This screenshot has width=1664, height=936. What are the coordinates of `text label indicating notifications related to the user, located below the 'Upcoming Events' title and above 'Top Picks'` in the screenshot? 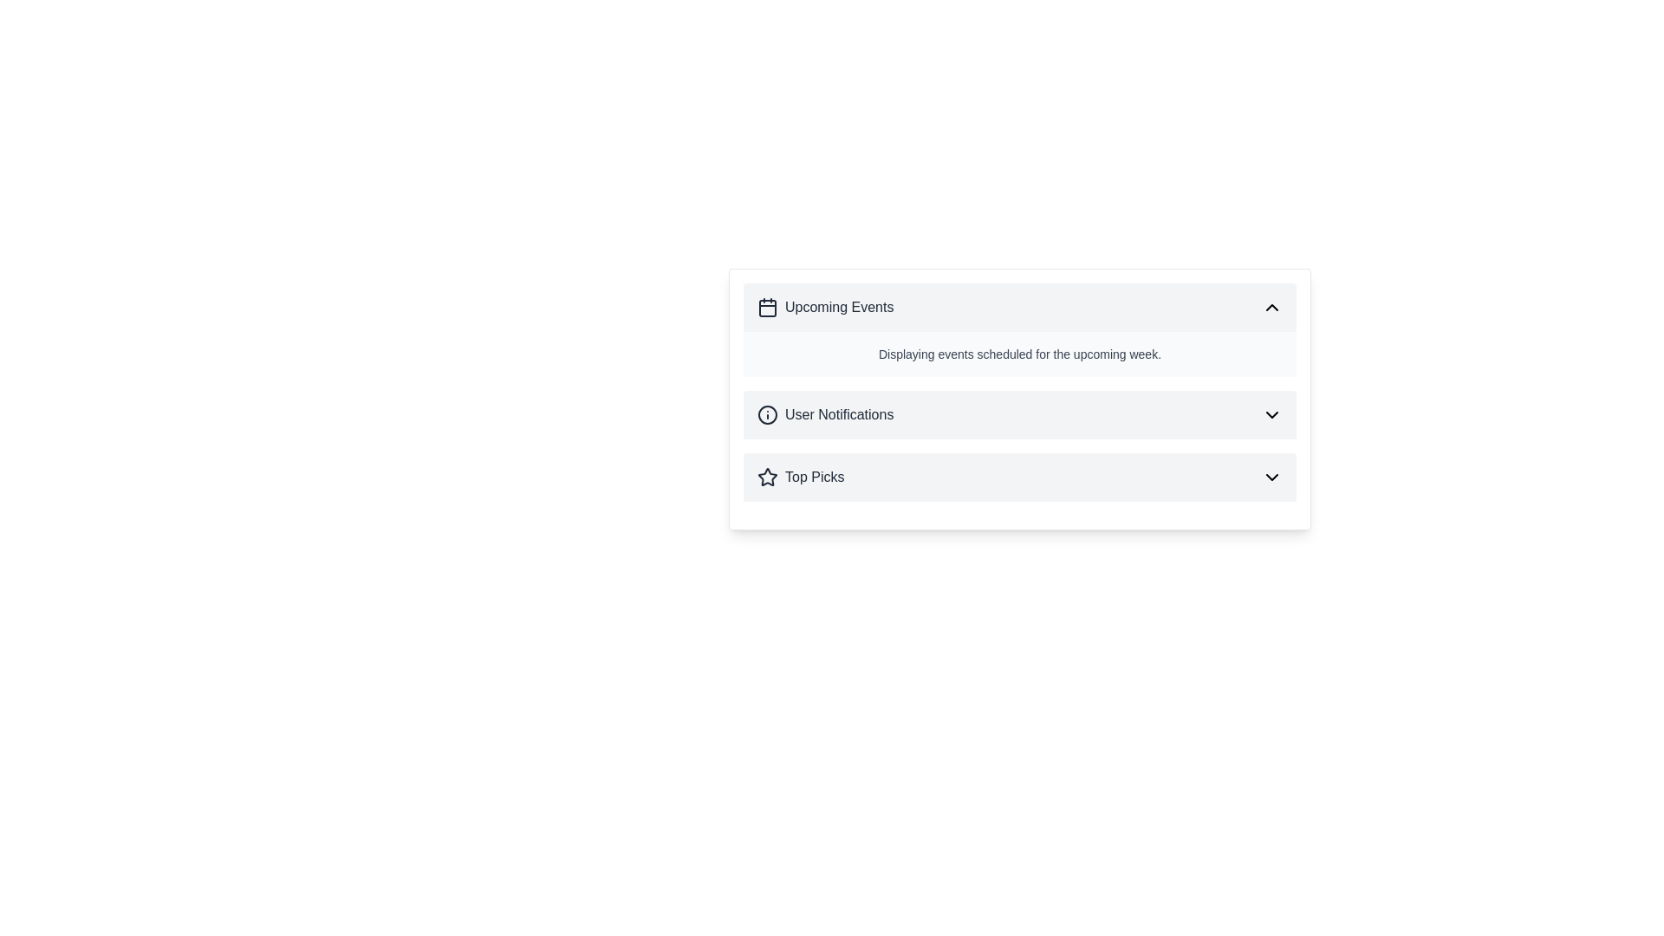 It's located at (839, 414).